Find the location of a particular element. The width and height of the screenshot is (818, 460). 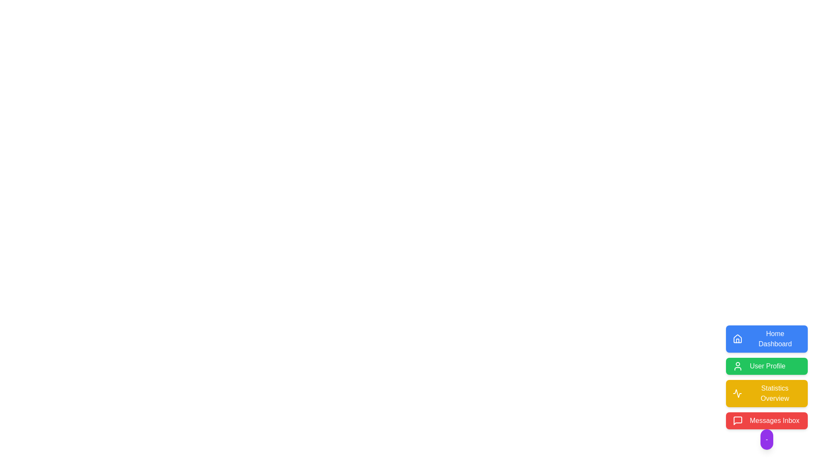

main action button to toggle the visibility of the menu is located at coordinates (767, 440).